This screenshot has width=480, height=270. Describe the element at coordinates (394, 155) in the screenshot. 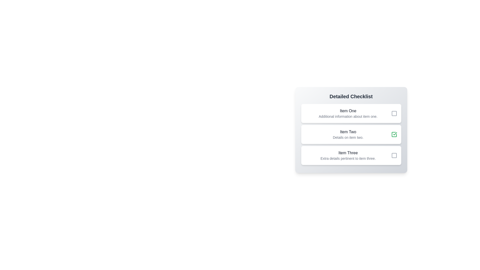

I see `the small rounded rectangle icon located within the SVG element for 'Item Three' in the detailed checklist layout` at that location.